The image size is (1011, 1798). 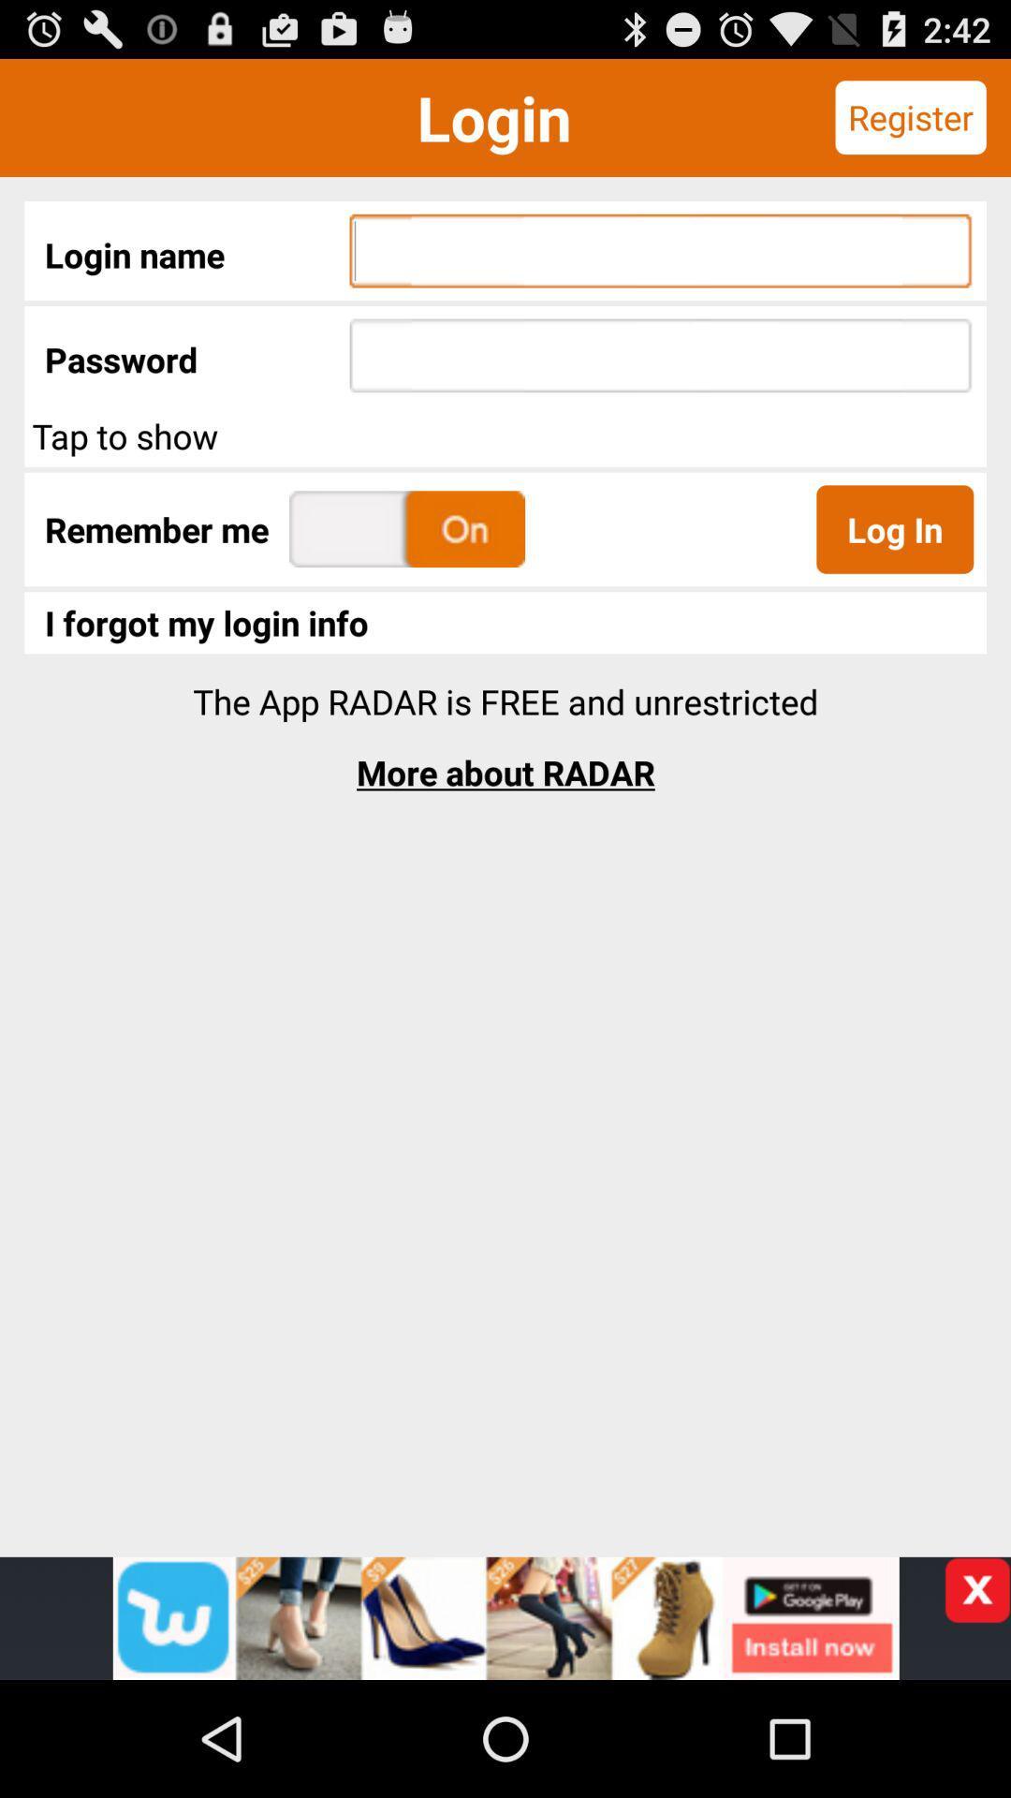 I want to click on username, so click(x=660, y=250).